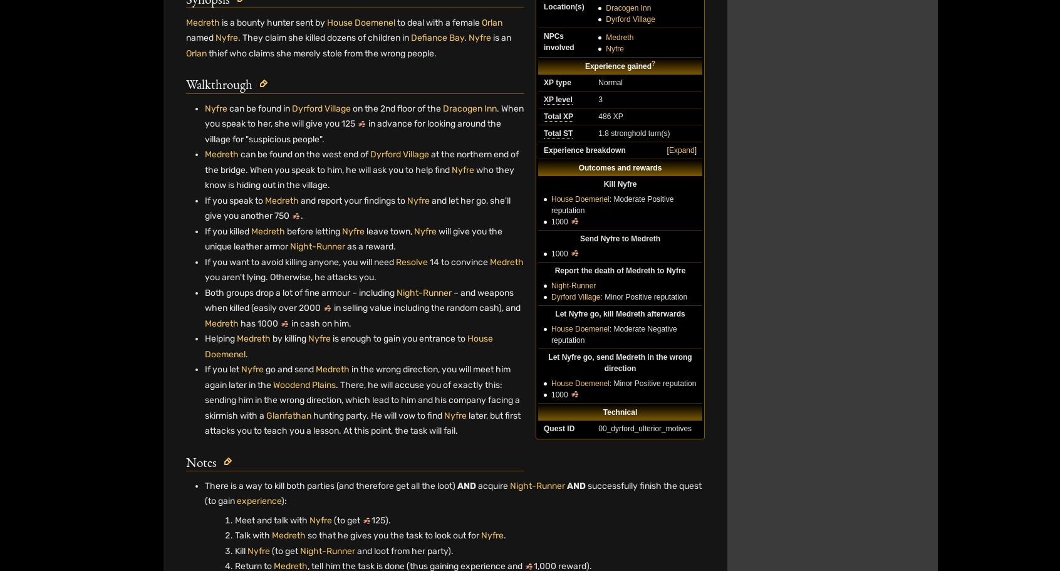 Image resolution: width=1060 pixels, height=571 pixels. What do you see at coordinates (778, 545) in the screenshot?
I see `'Take your favorite fandoms with you and never miss a beat.'` at bounding box center [778, 545].